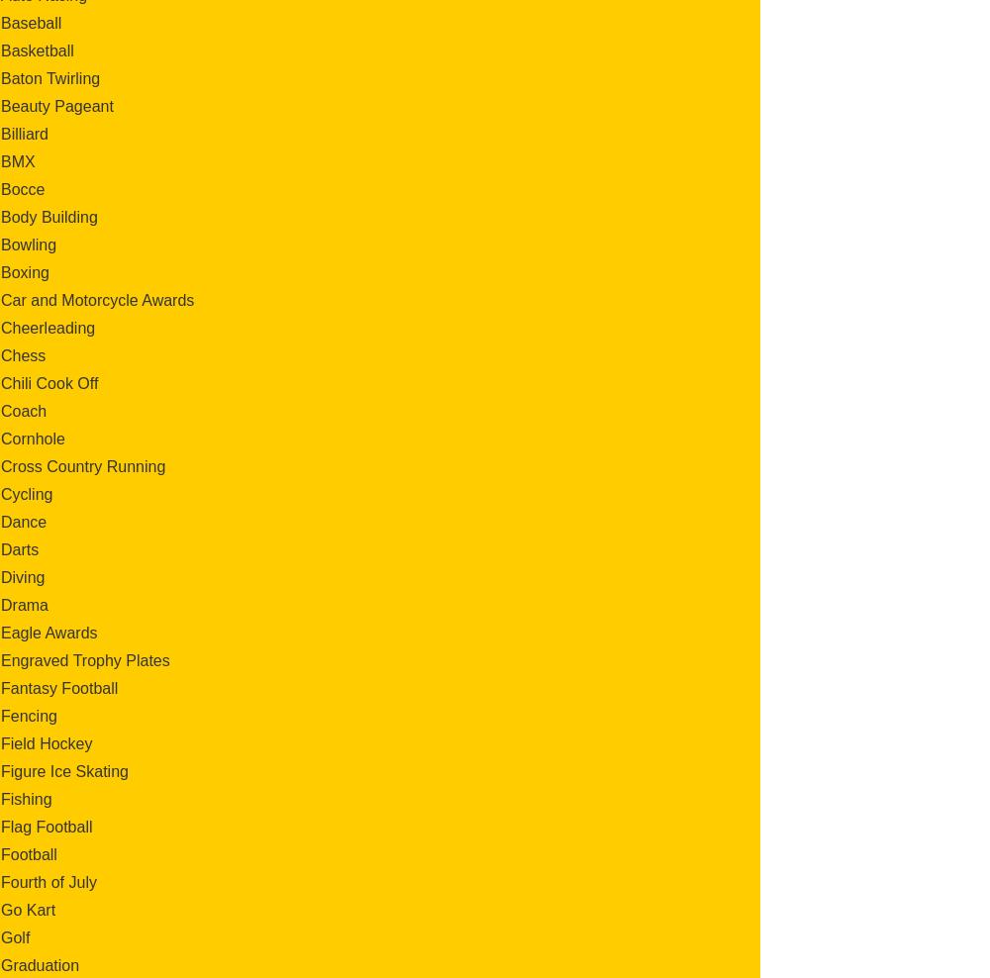 The width and height of the screenshot is (990, 978). What do you see at coordinates (29, 244) in the screenshot?
I see `'Bowling'` at bounding box center [29, 244].